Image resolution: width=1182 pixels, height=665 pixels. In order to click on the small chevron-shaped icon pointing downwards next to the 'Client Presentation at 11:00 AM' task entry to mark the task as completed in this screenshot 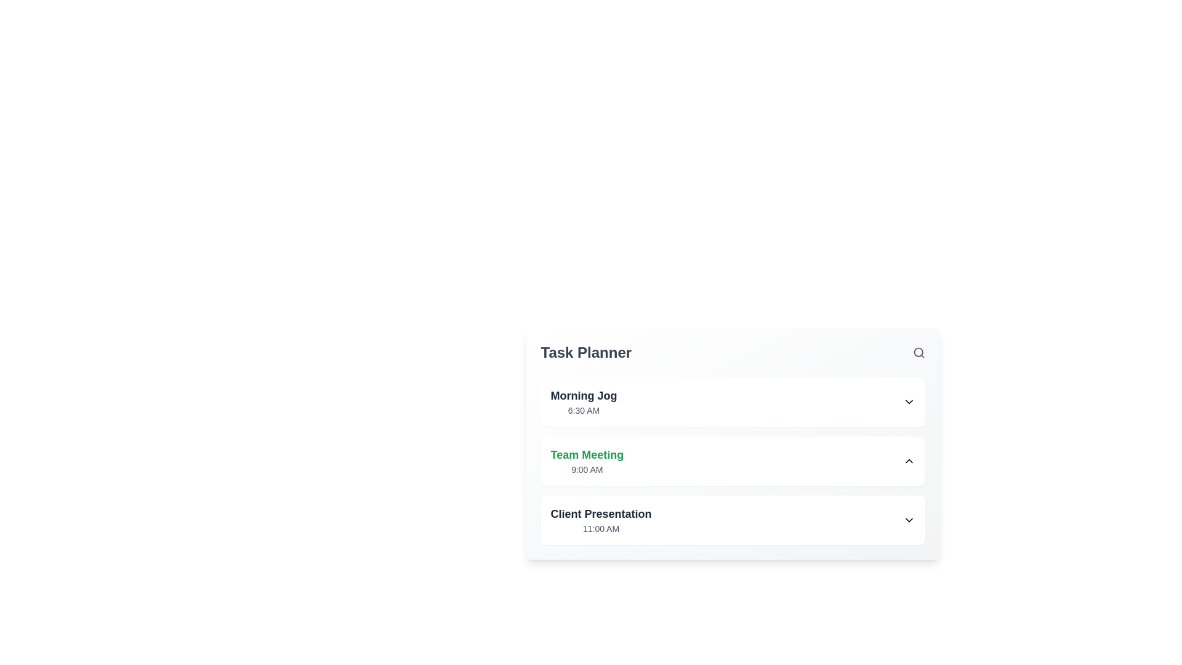, I will do `click(909, 520)`.